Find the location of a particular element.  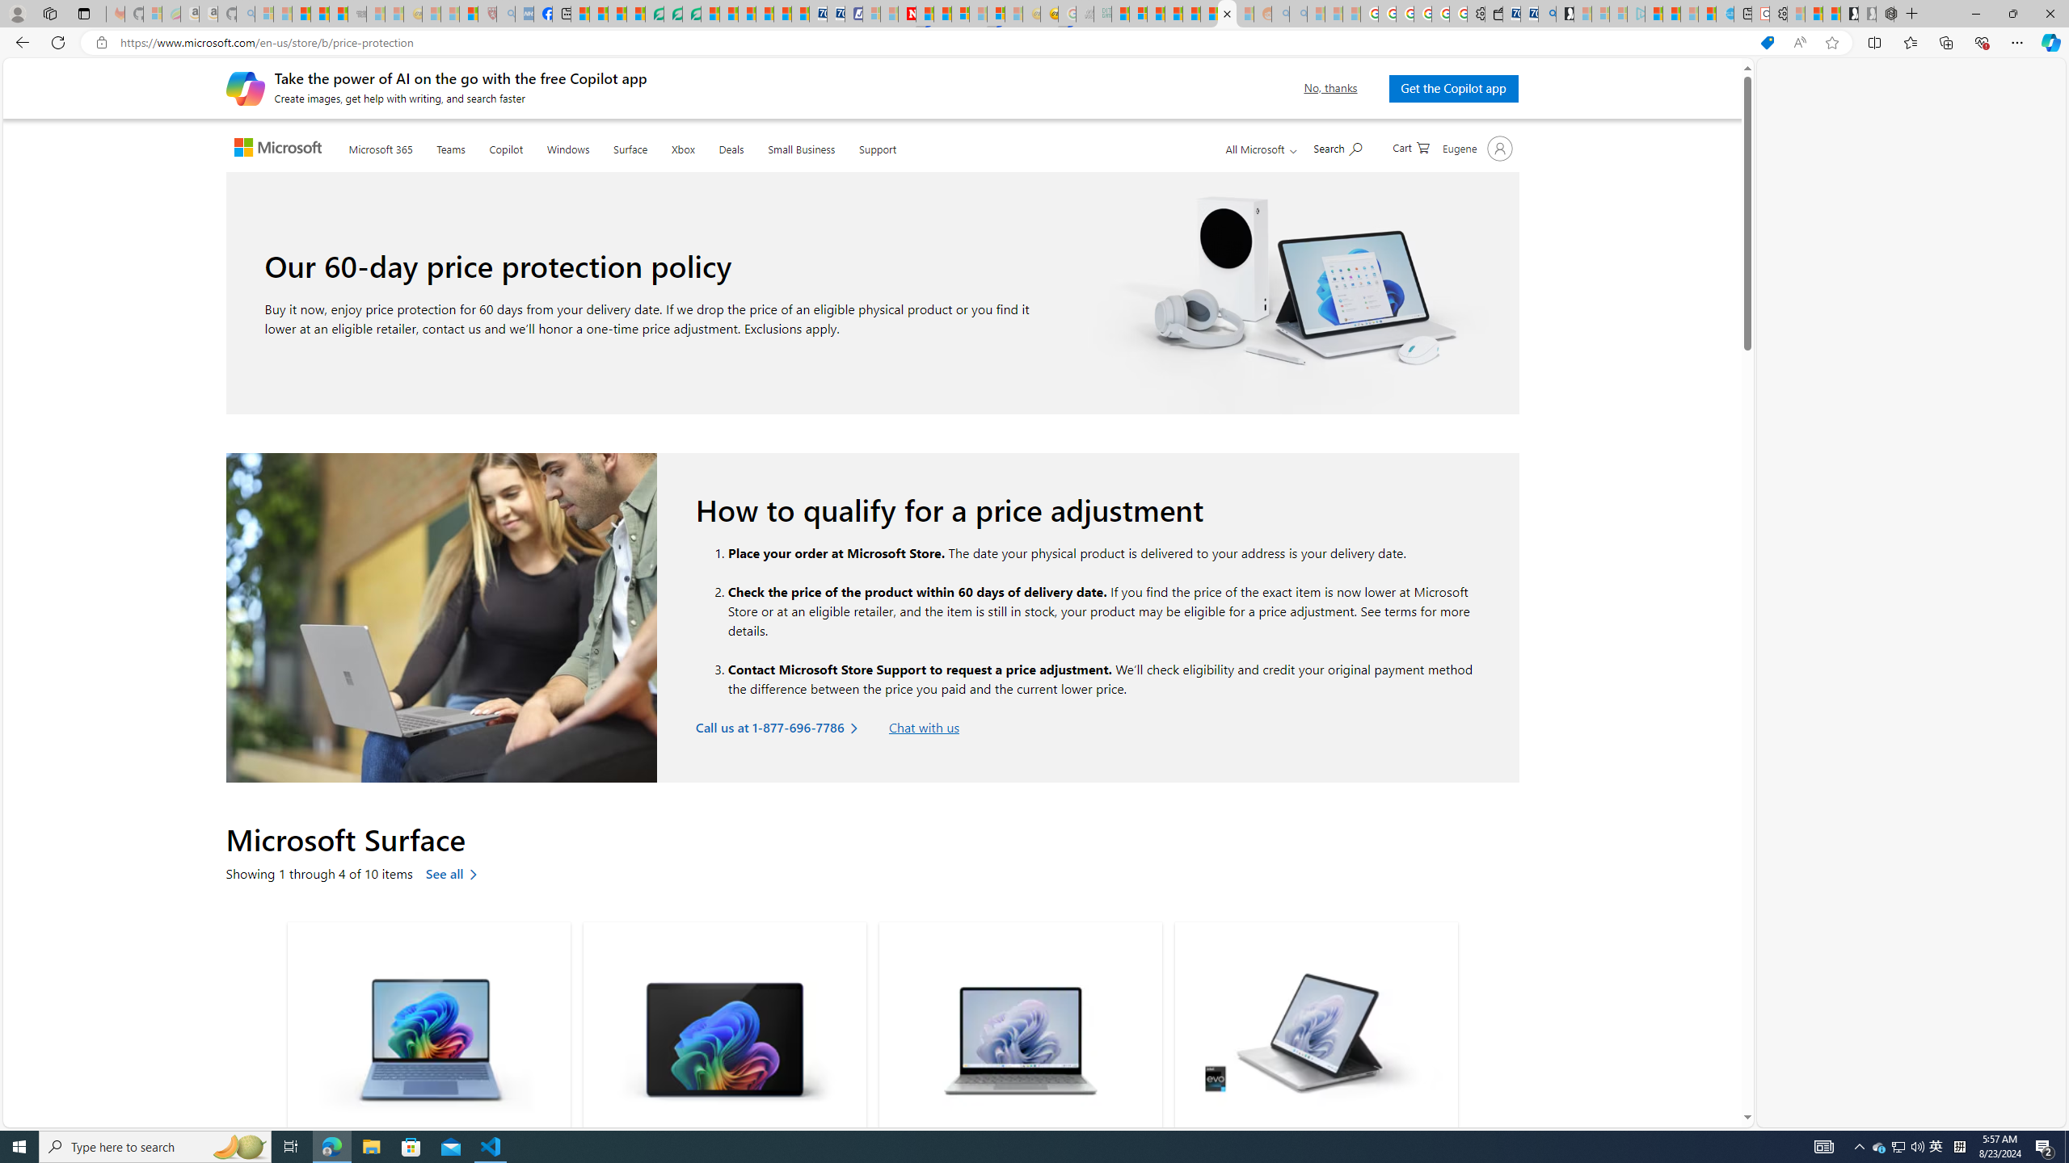

'Support' is located at coordinates (876, 146).